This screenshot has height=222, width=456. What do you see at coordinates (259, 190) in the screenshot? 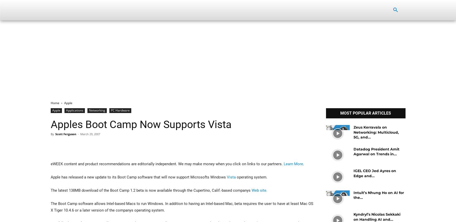
I see `'Web site.'` at bounding box center [259, 190].